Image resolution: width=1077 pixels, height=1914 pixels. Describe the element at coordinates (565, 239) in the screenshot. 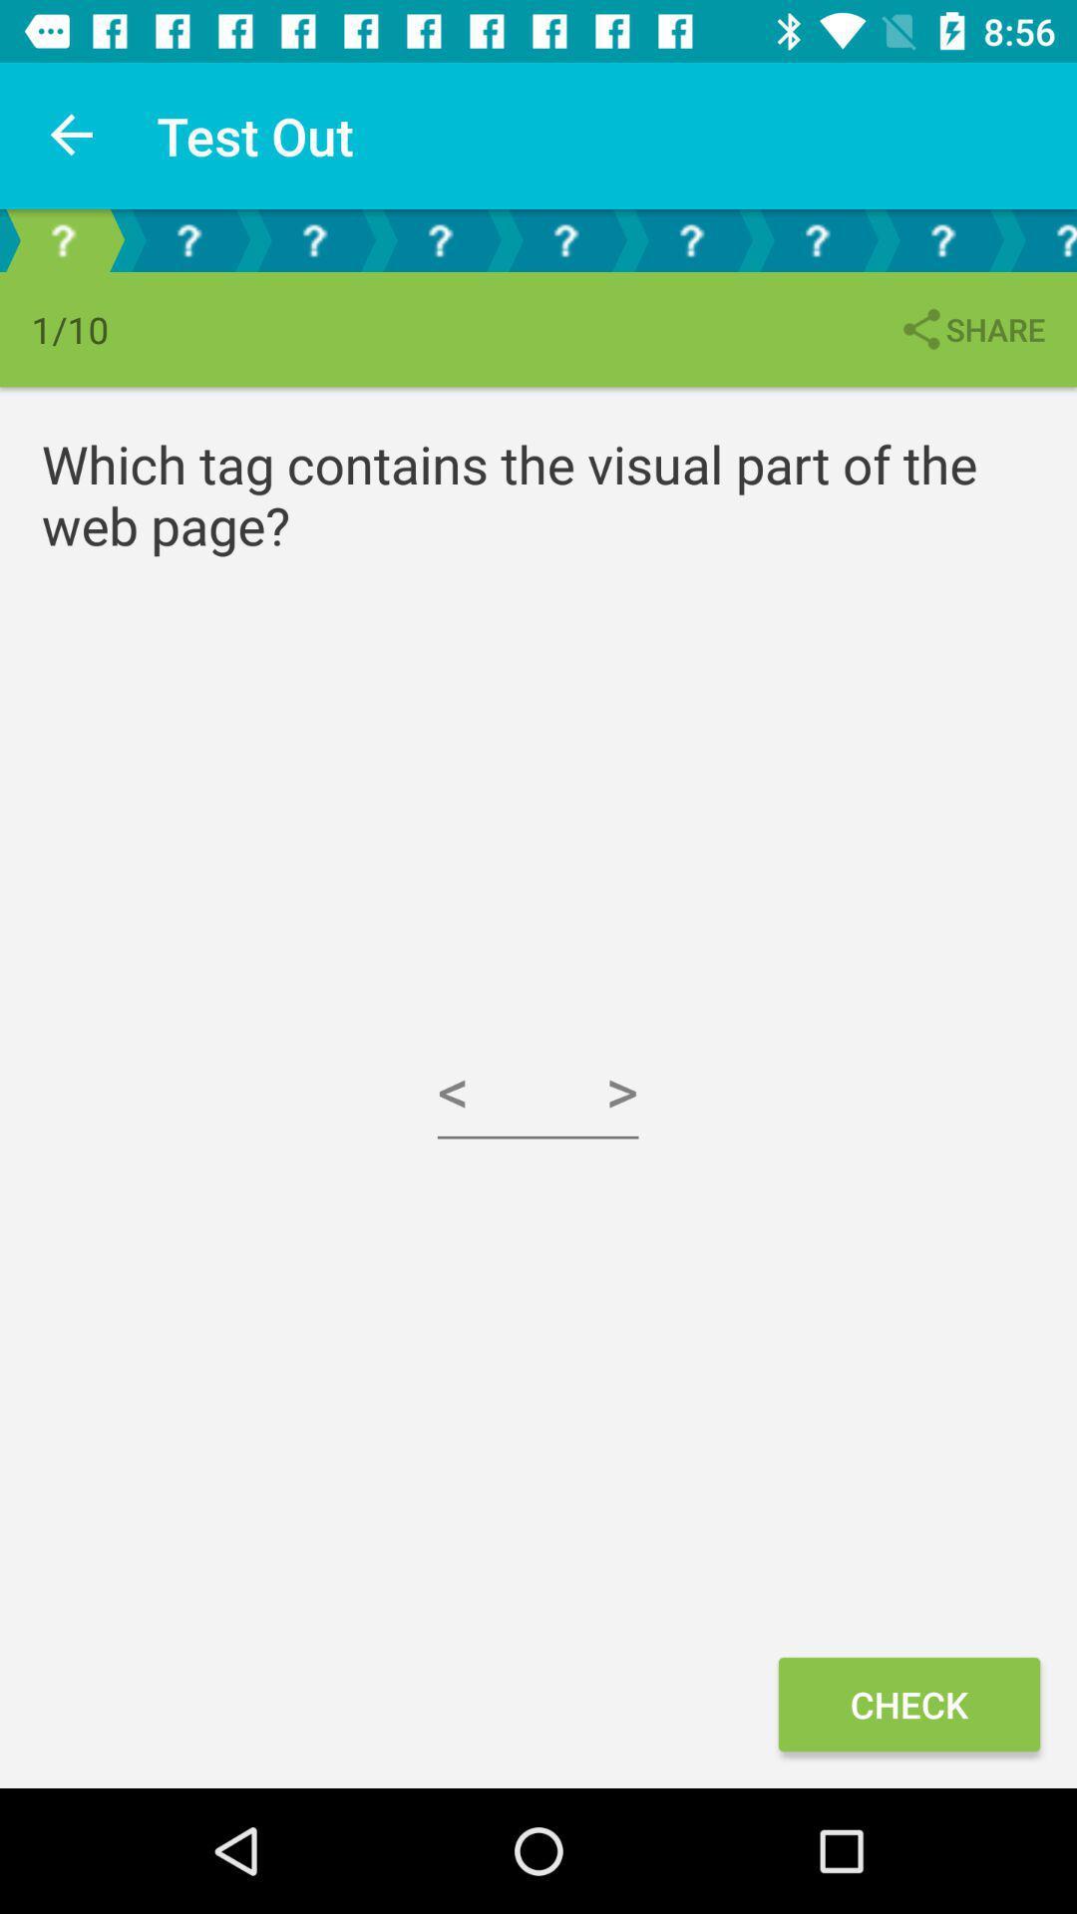

I see `question` at that location.